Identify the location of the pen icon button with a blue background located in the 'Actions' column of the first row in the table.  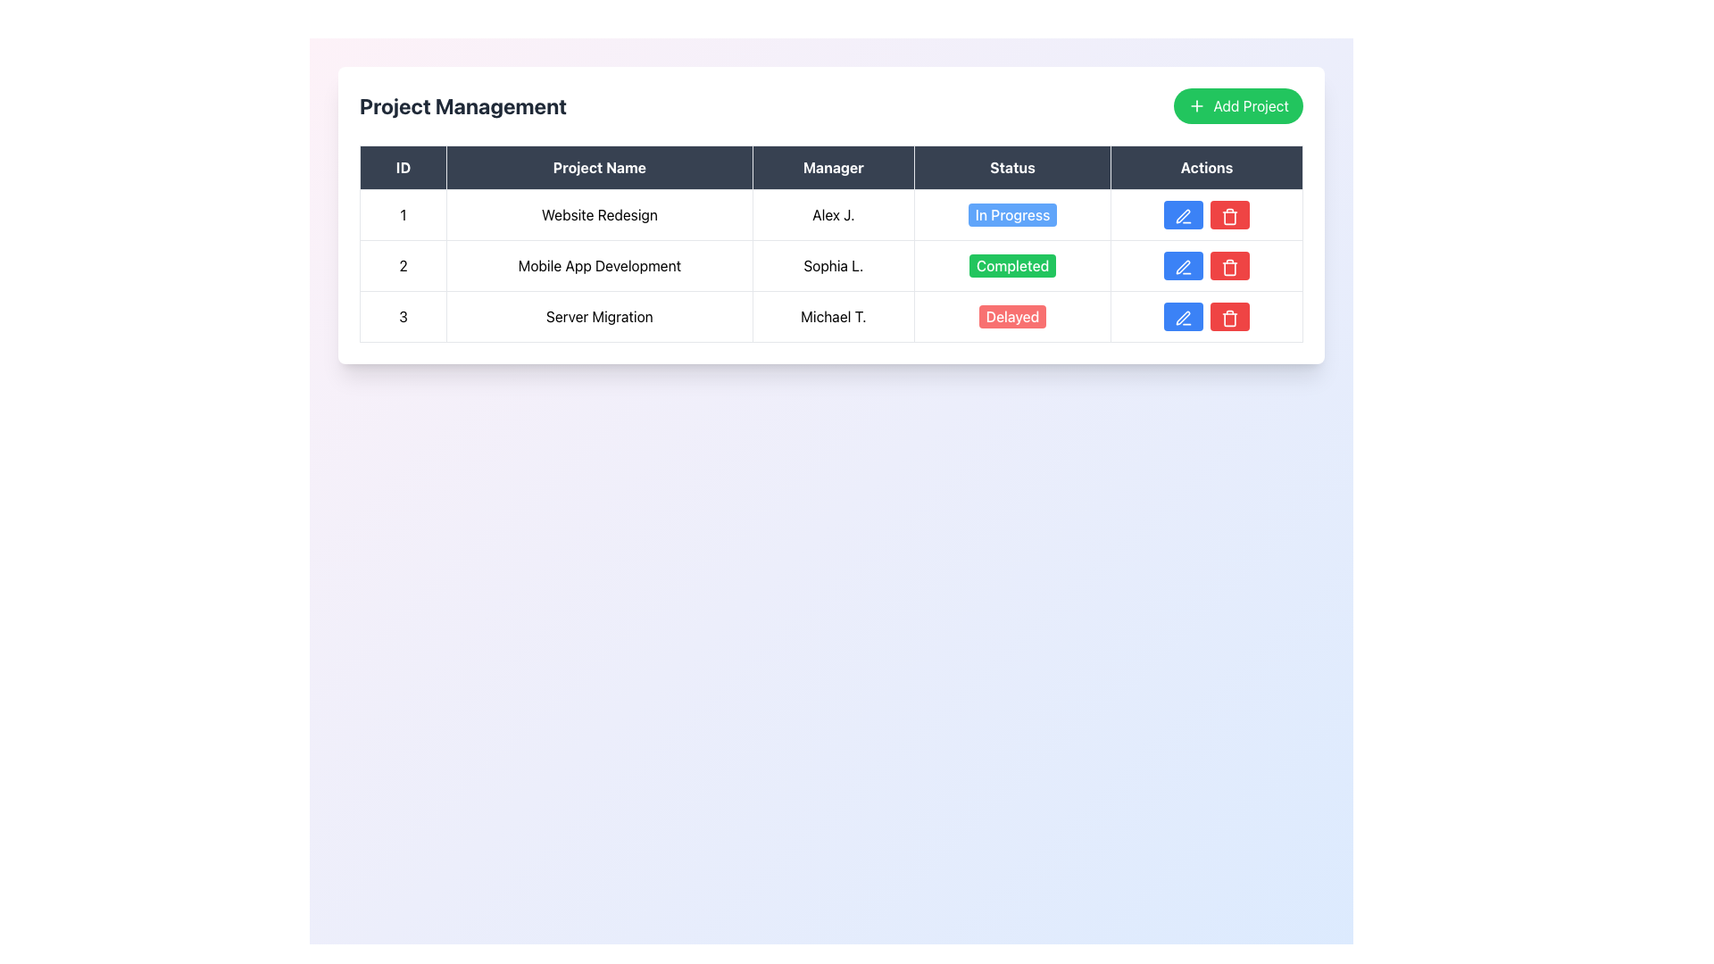
(1184, 215).